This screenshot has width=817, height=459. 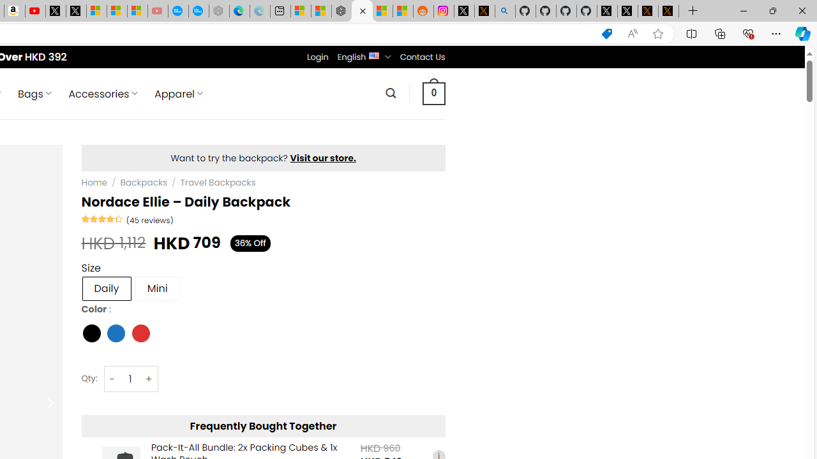 I want to click on 'Day 1: Arriving in Yemen (surreal to be here) - YouTube', so click(x=35, y=11).